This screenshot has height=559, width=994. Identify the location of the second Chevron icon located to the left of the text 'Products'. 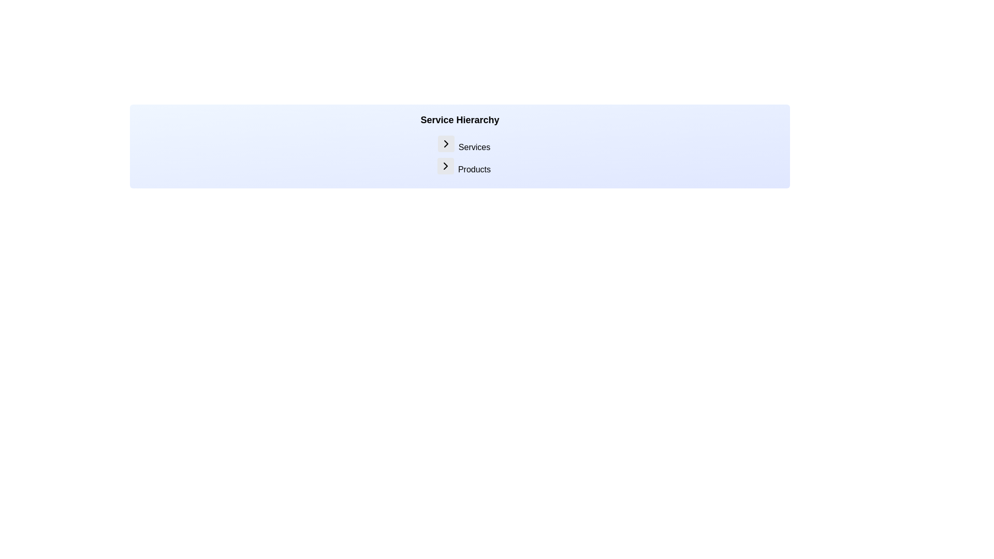
(445, 165).